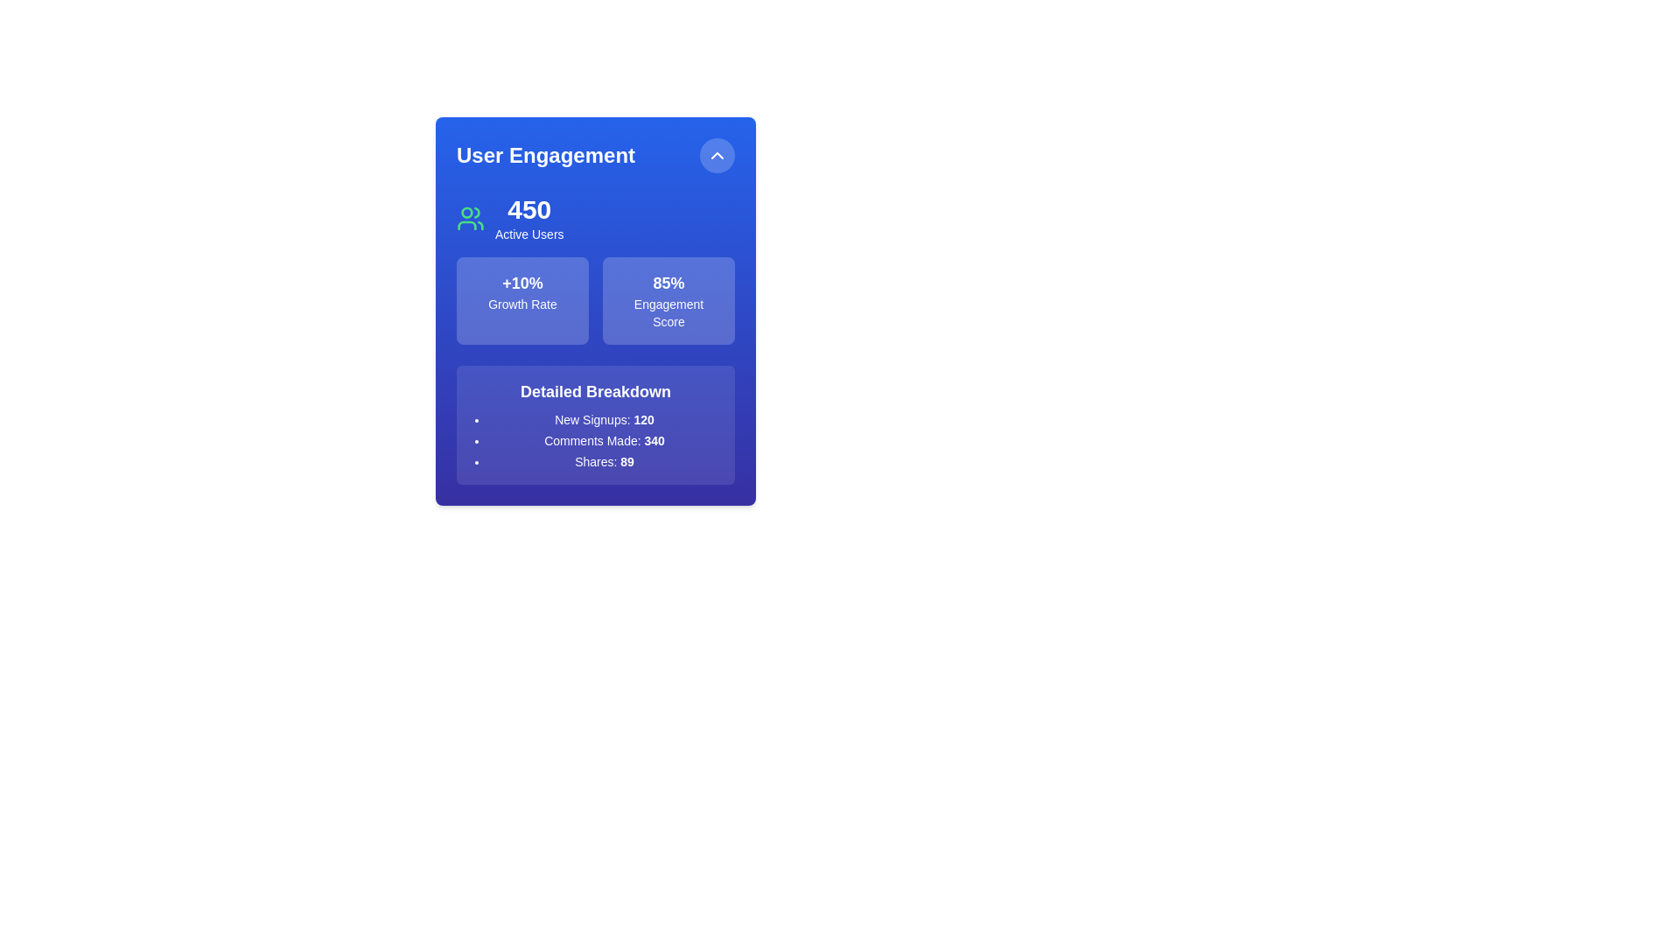 The image size is (1680, 945). What do you see at coordinates (470, 218) in the screenshot?
I see `the user icon represented by a green circular outline located next to the text '450 Active Users' for visual reference` at bounding box center [470, 218].